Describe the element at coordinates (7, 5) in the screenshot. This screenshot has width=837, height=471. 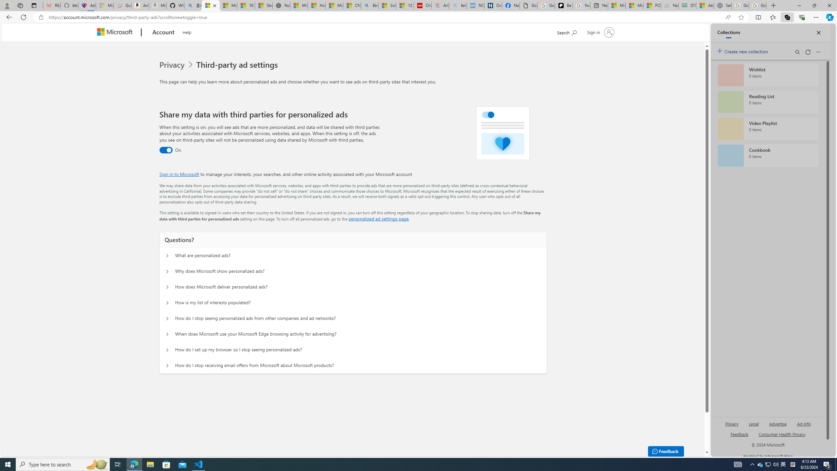
I see `'Personal Profile'` at that location.